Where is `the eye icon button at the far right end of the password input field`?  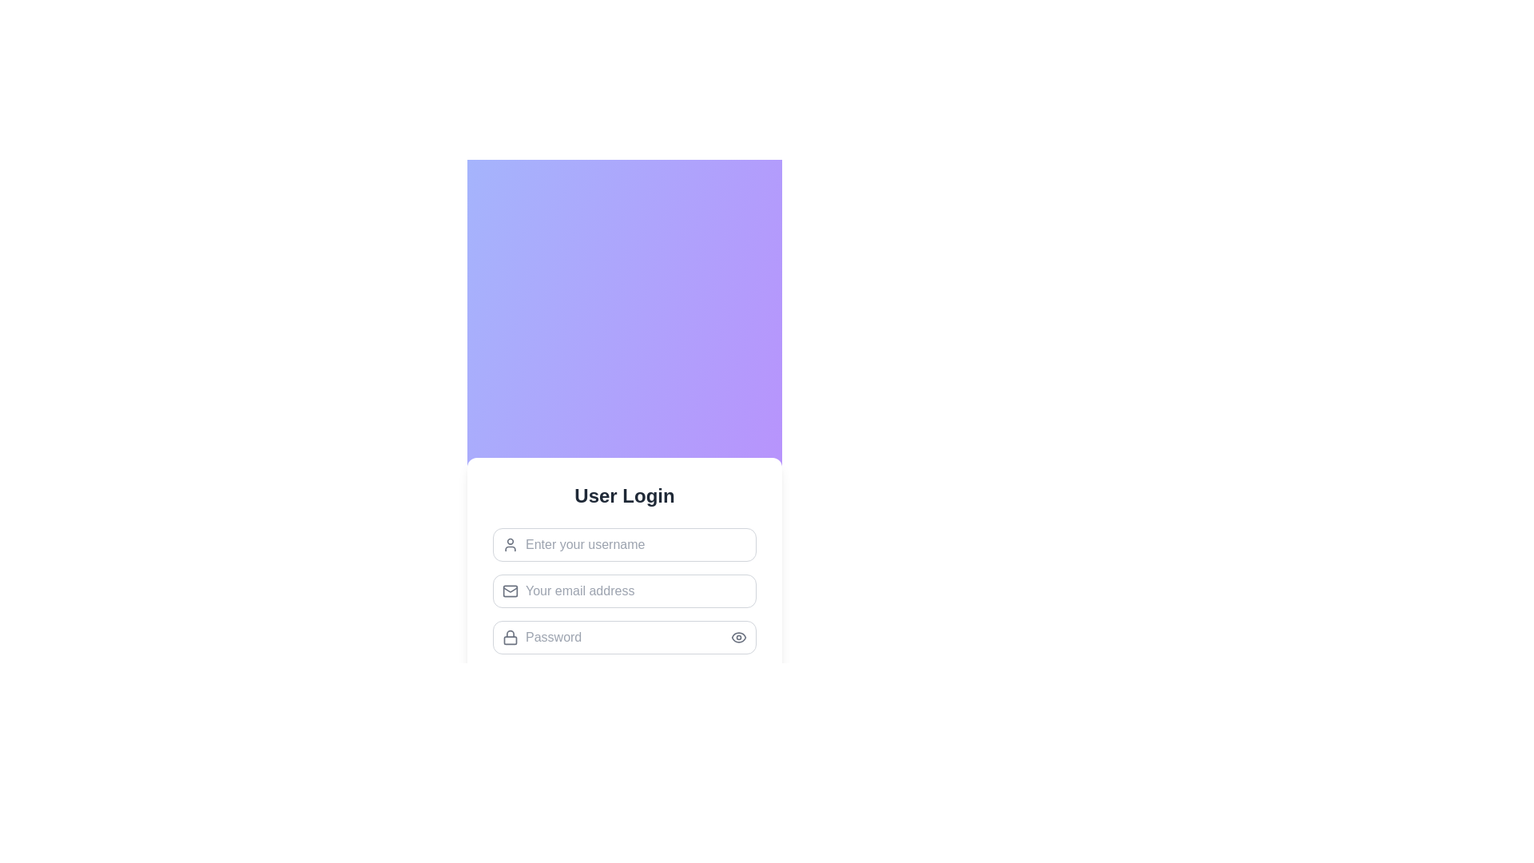
the eye icon button at the far right end of the password input field is located at coordinates (738, 637).